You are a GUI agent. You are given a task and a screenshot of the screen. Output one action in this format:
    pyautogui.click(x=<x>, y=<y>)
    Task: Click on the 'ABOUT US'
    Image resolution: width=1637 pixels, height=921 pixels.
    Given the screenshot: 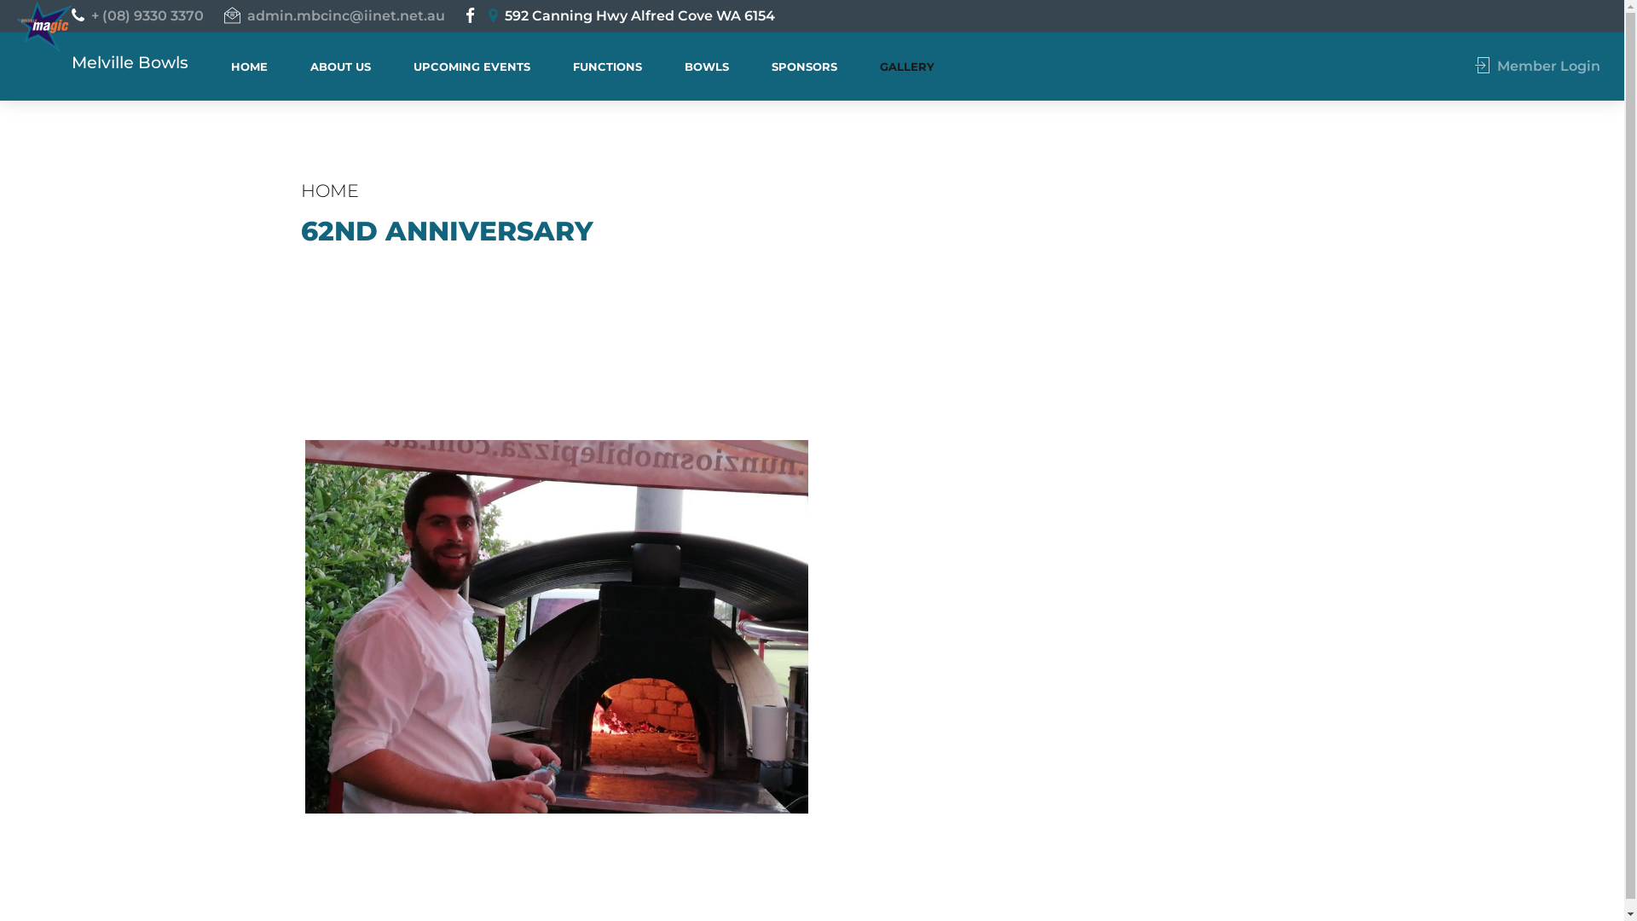 What is the action you would take?
    pyautogui.click(x=340, y=65)
    